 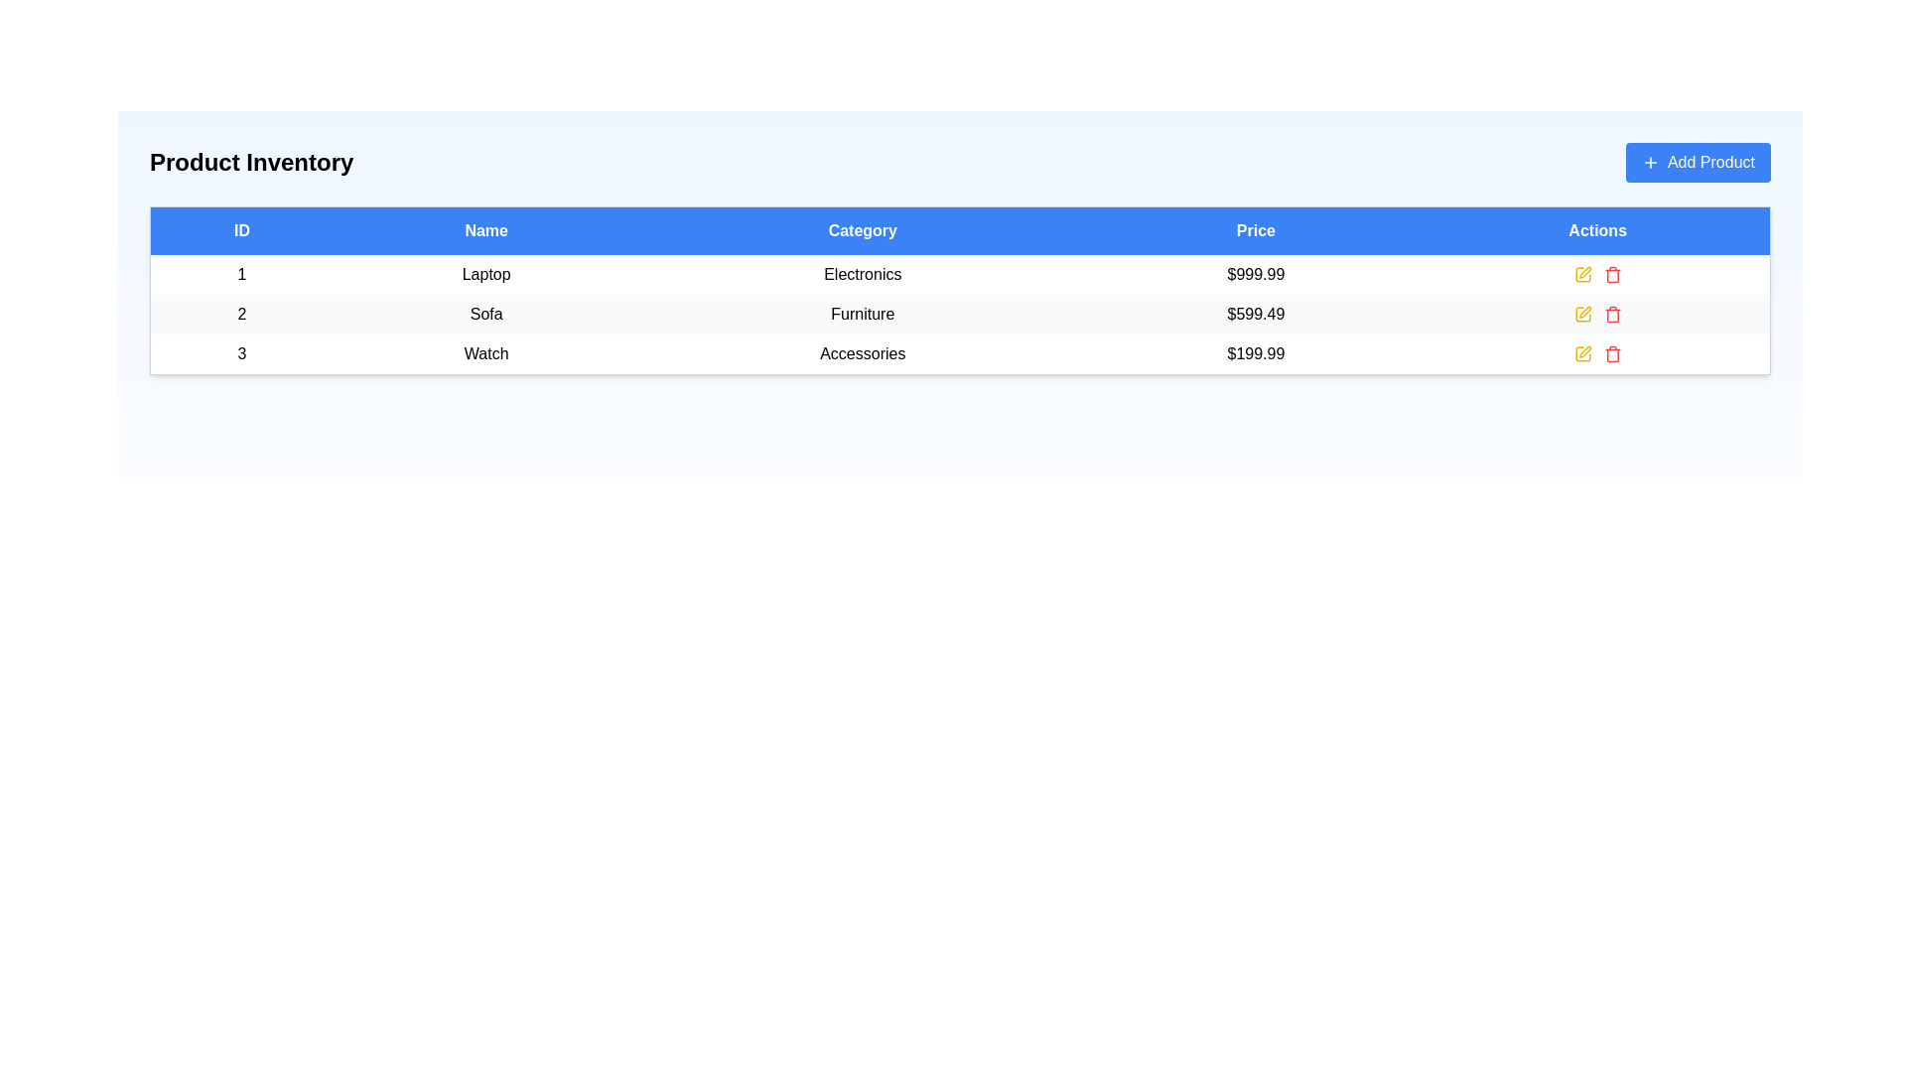 What do you see at coordinates (863, 313) in the screenshot?
I see `the static text label element reading 'Furniture', located in the 'Category' column of the table under the row labeled 'Sofa'` at bounding box center [863, 313].